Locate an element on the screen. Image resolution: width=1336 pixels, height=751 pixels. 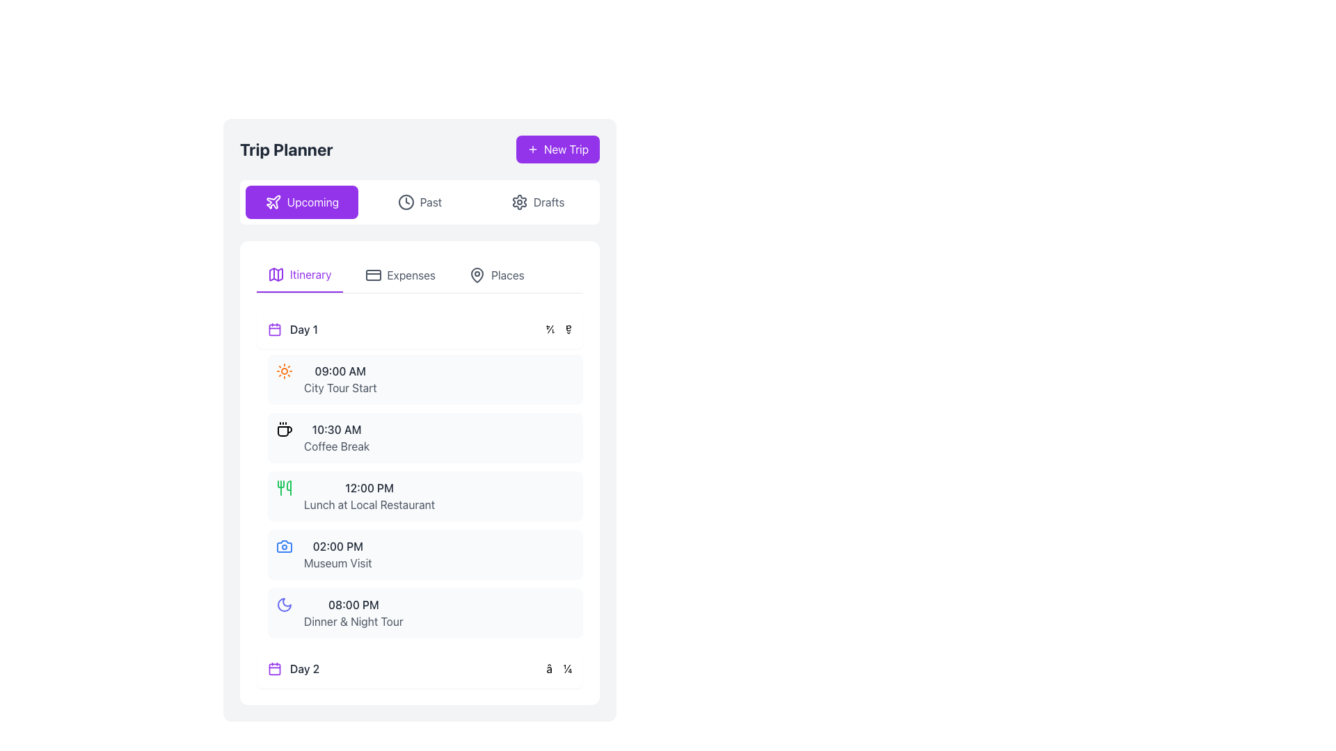
the button labeled 'New Trip' which is styled with a white font on a purple background, located at the top-right corner of the interface under the header section is located at coordinates (566, 150).